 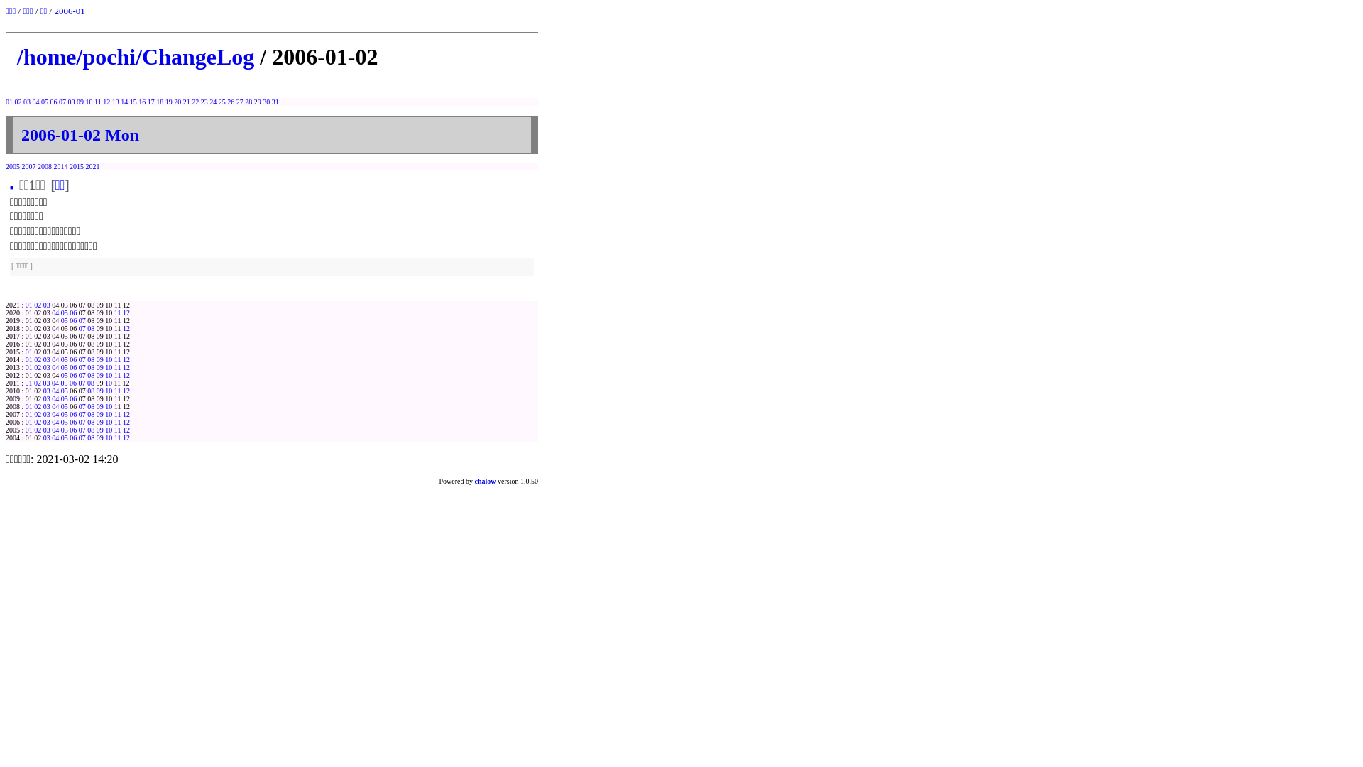 I want to click on '05', so click(x=64, y=366).